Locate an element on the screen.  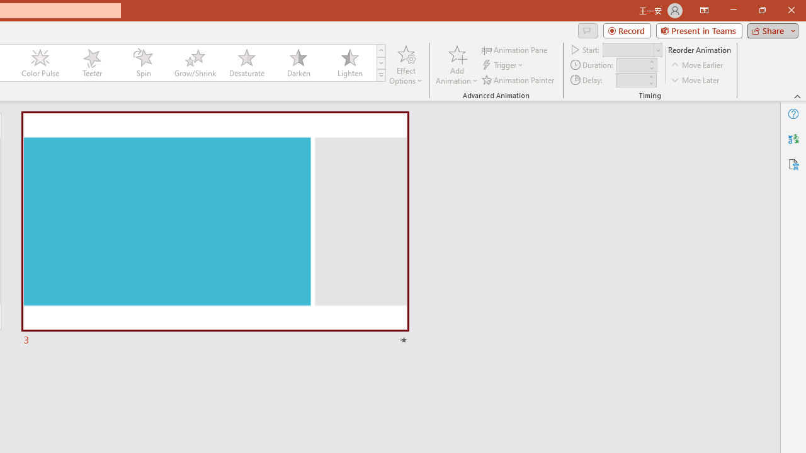
'Trigger' is located at coordinates (504, 65).